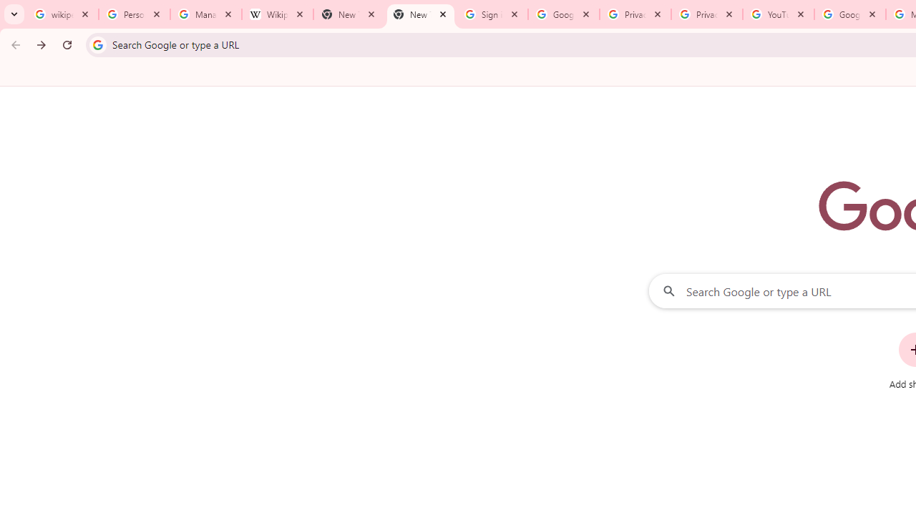 Image resolution: width=916 pixels, height=515 pixels. Describe the element at coordinates (277, 14) in the screenshot. I see `'Wikipedia:Edit requests - Wikipedia'` at that location.